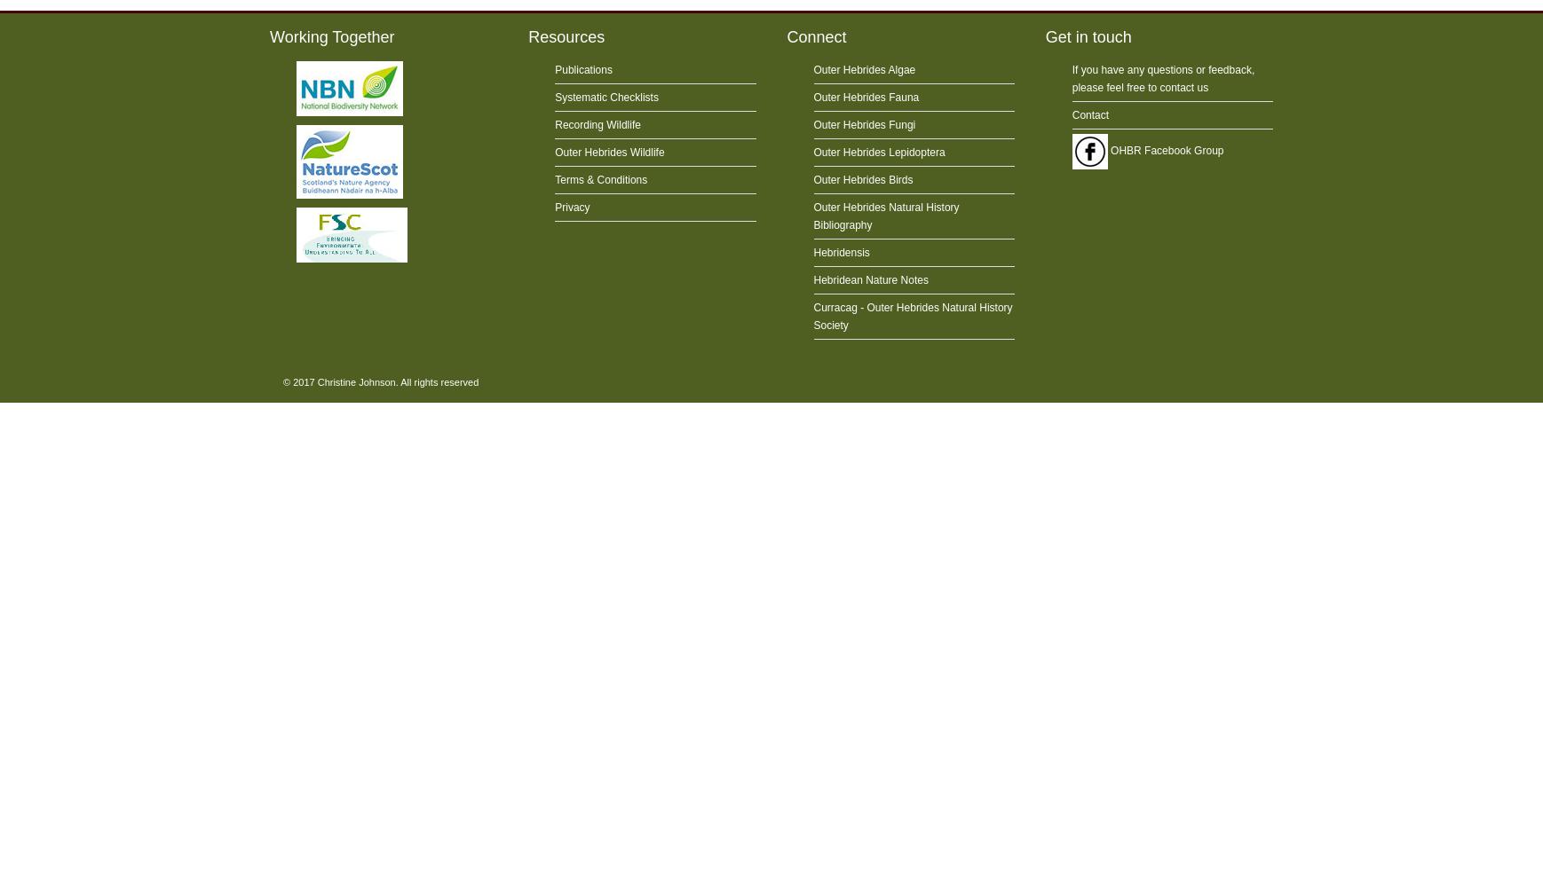 This screenshot has width=1543, height=887. Describe the element at coordinates (606, 97) in the screenshot. I see `'Systematic Checklists'` at that location.